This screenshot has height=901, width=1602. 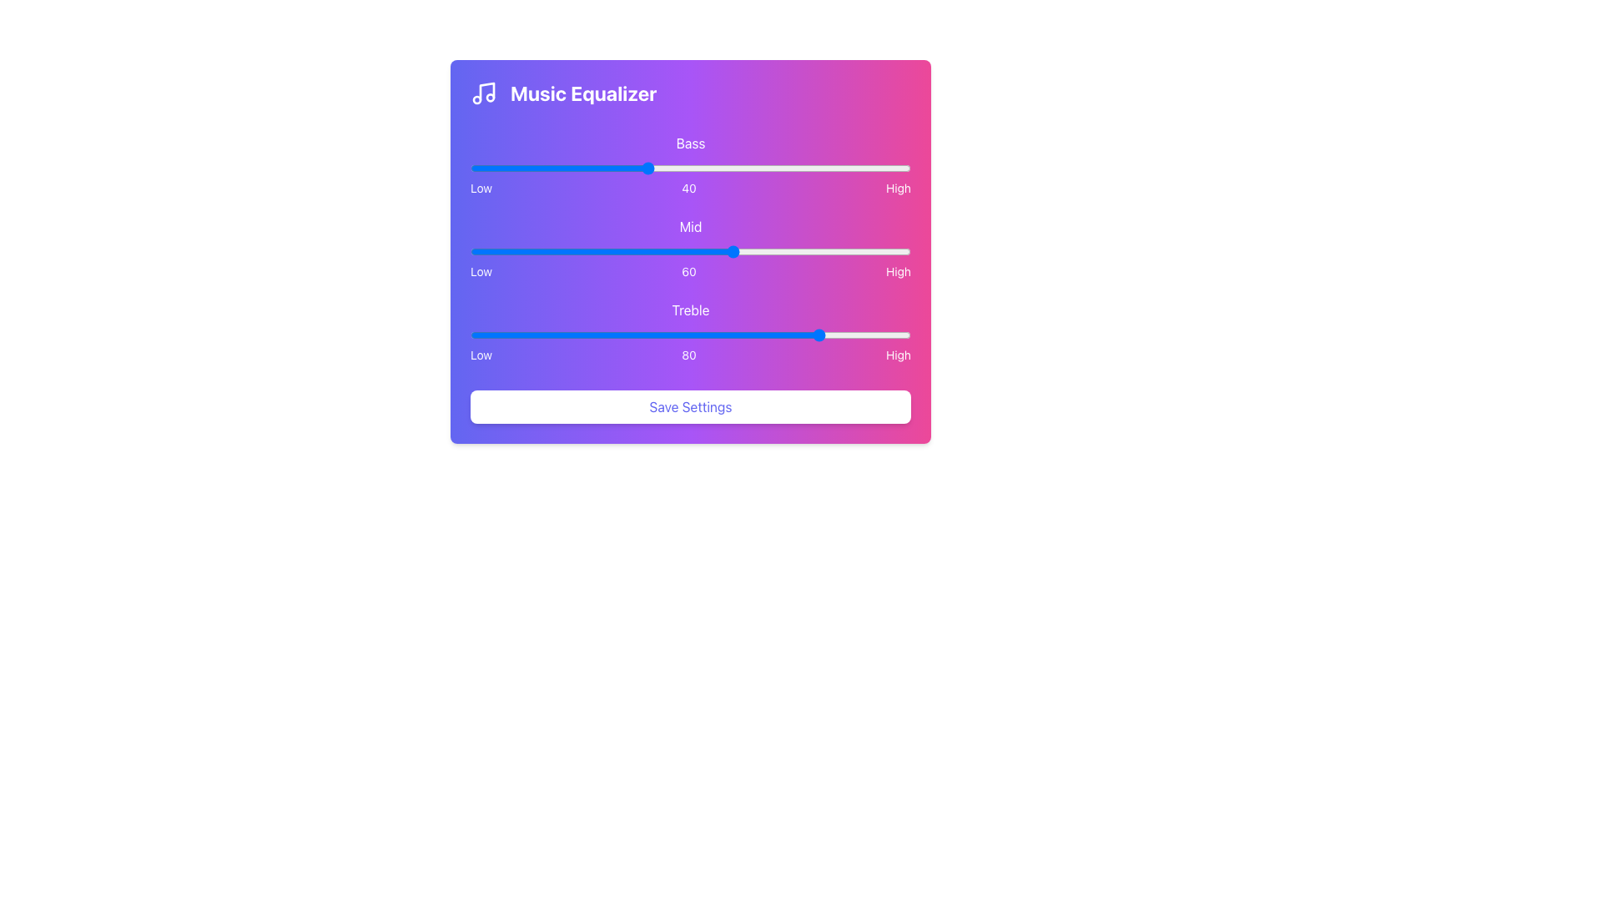 I want to click on the Text label group consisting of the labels 'Low', '80', and 'High' which indicates the scale for the 'Treble' slider in the music equalizer interface, so click(x=691, y=354).